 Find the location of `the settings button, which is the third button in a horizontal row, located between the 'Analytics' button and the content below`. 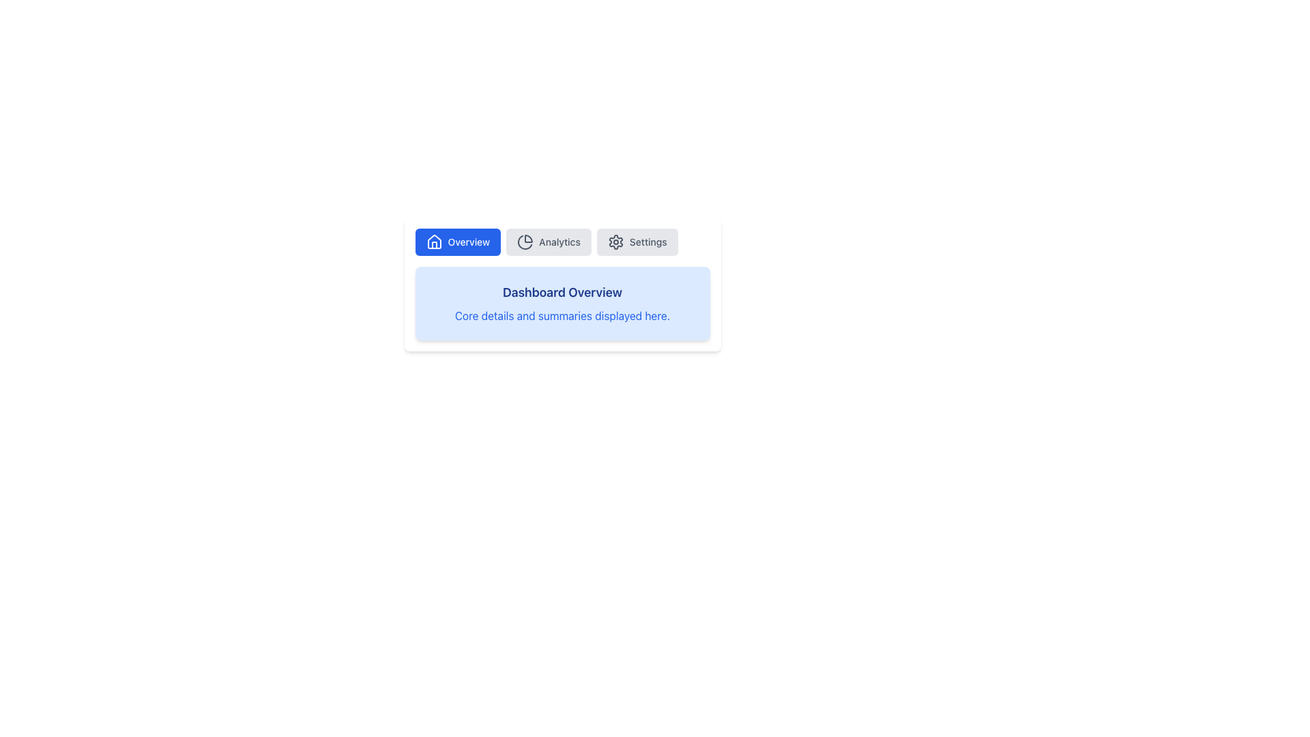

the settings button, which is the third button in a horizontal row, located between the 'Analytics' button and the content below is located at coordinates (637, 241).